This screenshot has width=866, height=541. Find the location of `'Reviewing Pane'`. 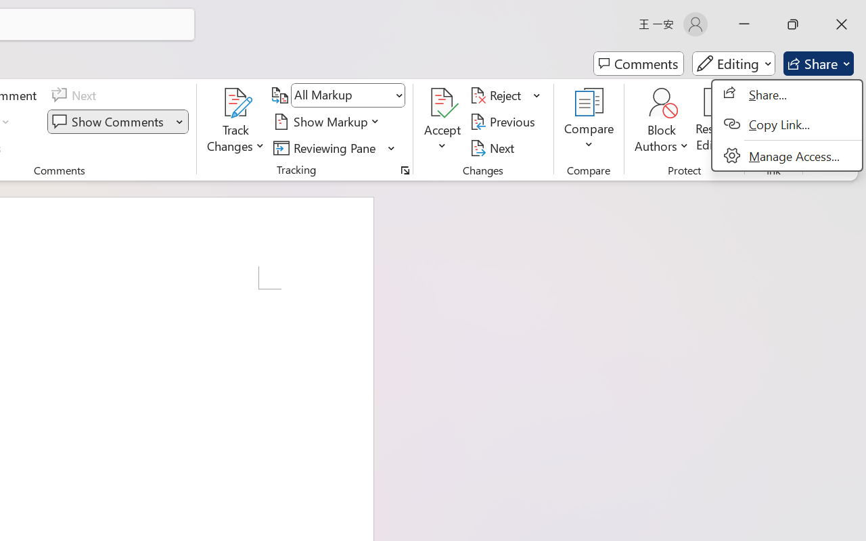

'Reviewing Pane' is located at coordinates (334, 147).